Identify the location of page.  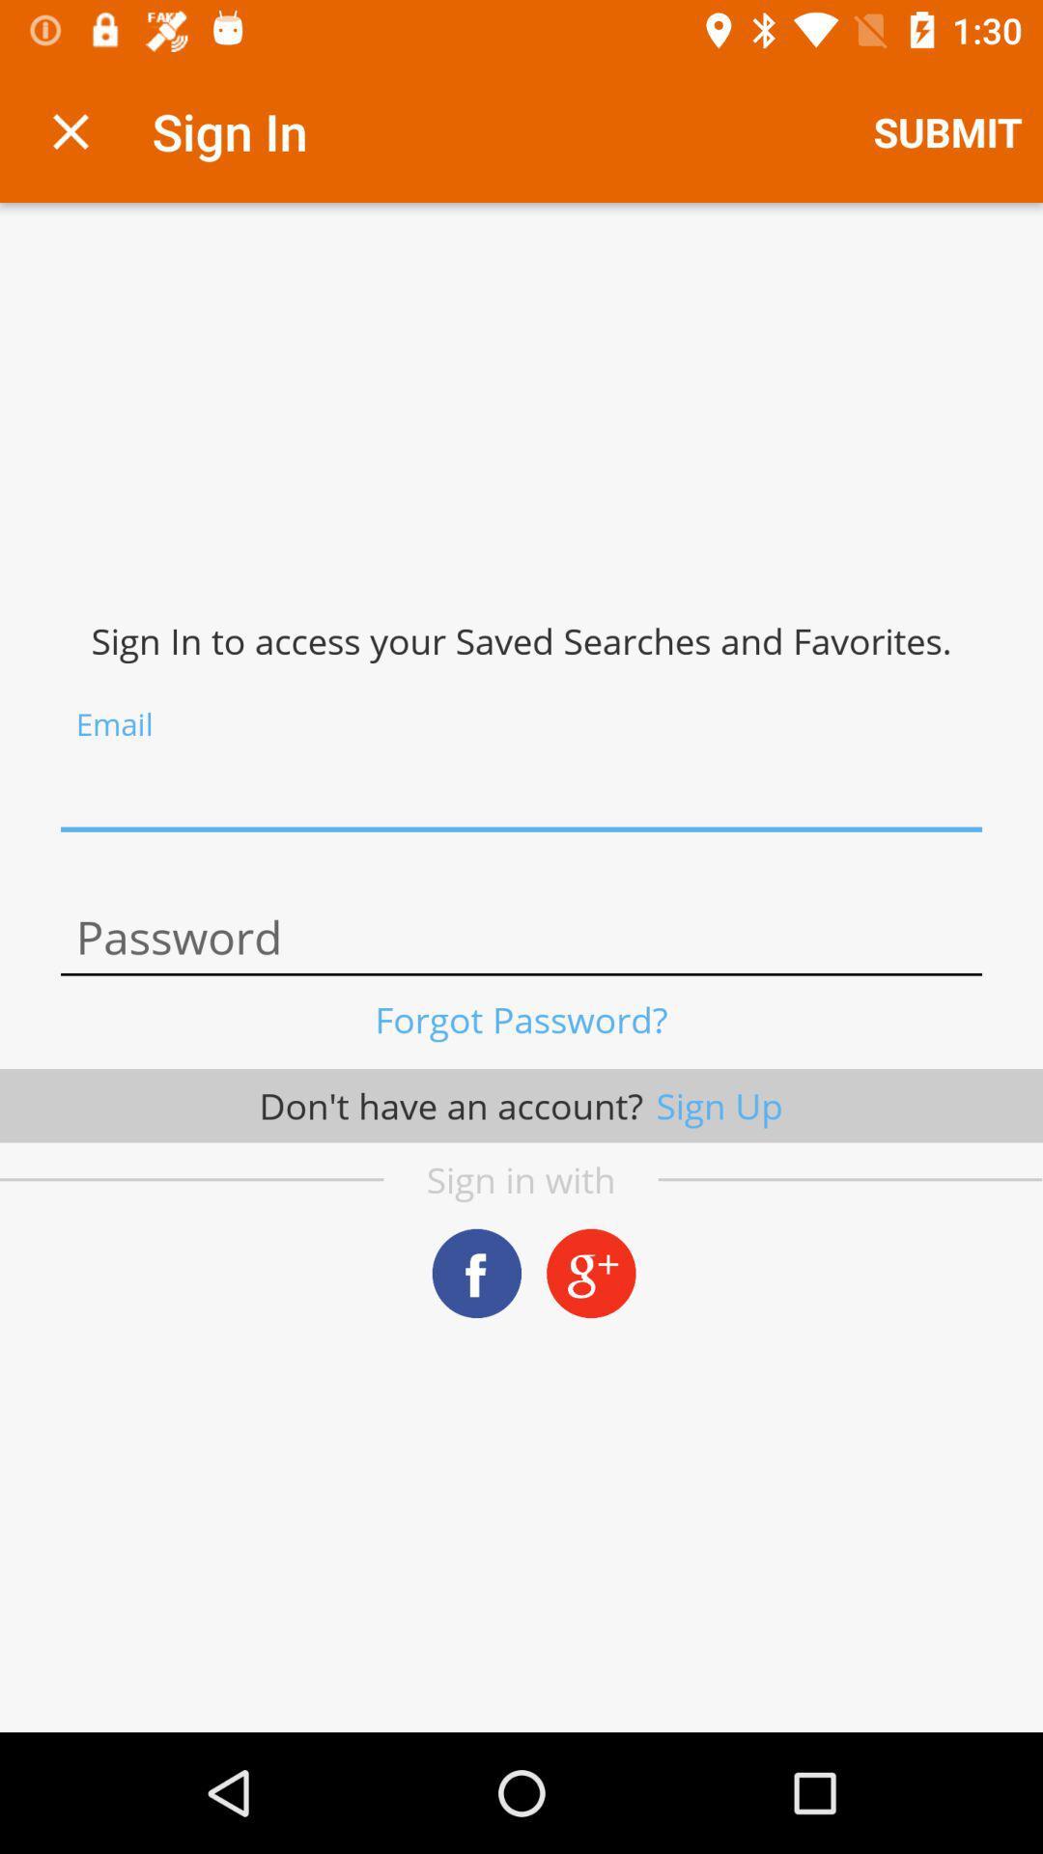
(70, 130).